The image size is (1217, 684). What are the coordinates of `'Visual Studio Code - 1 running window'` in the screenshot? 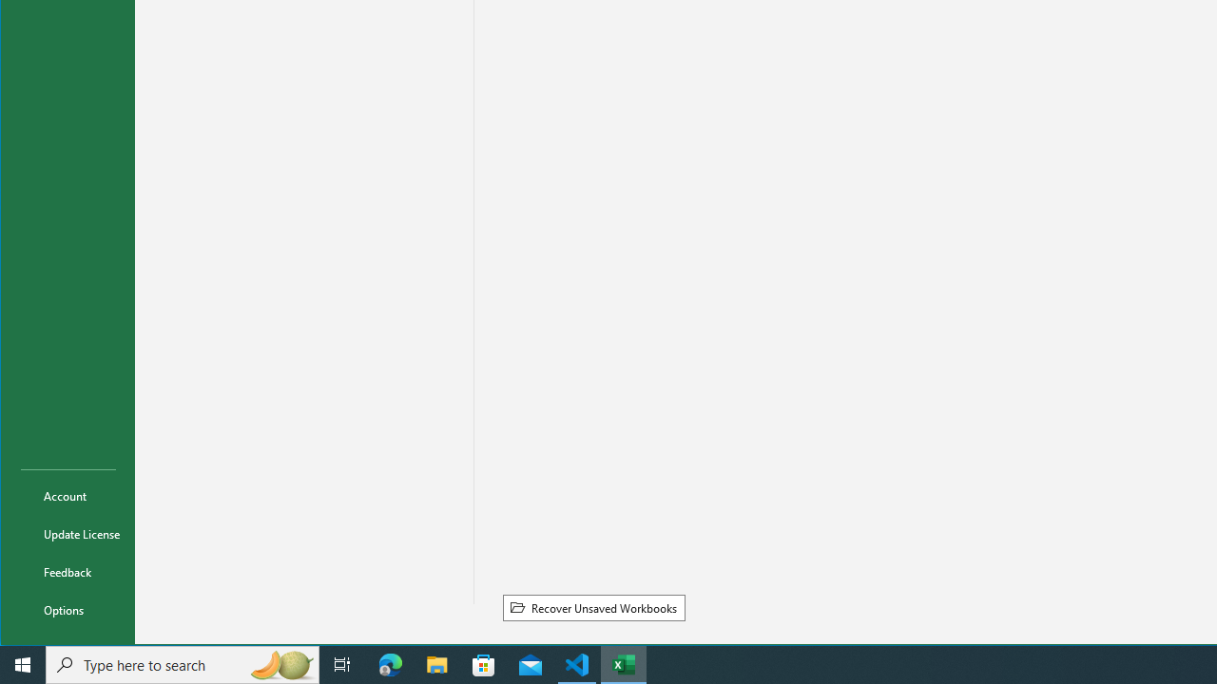 It's located at (576, 663).